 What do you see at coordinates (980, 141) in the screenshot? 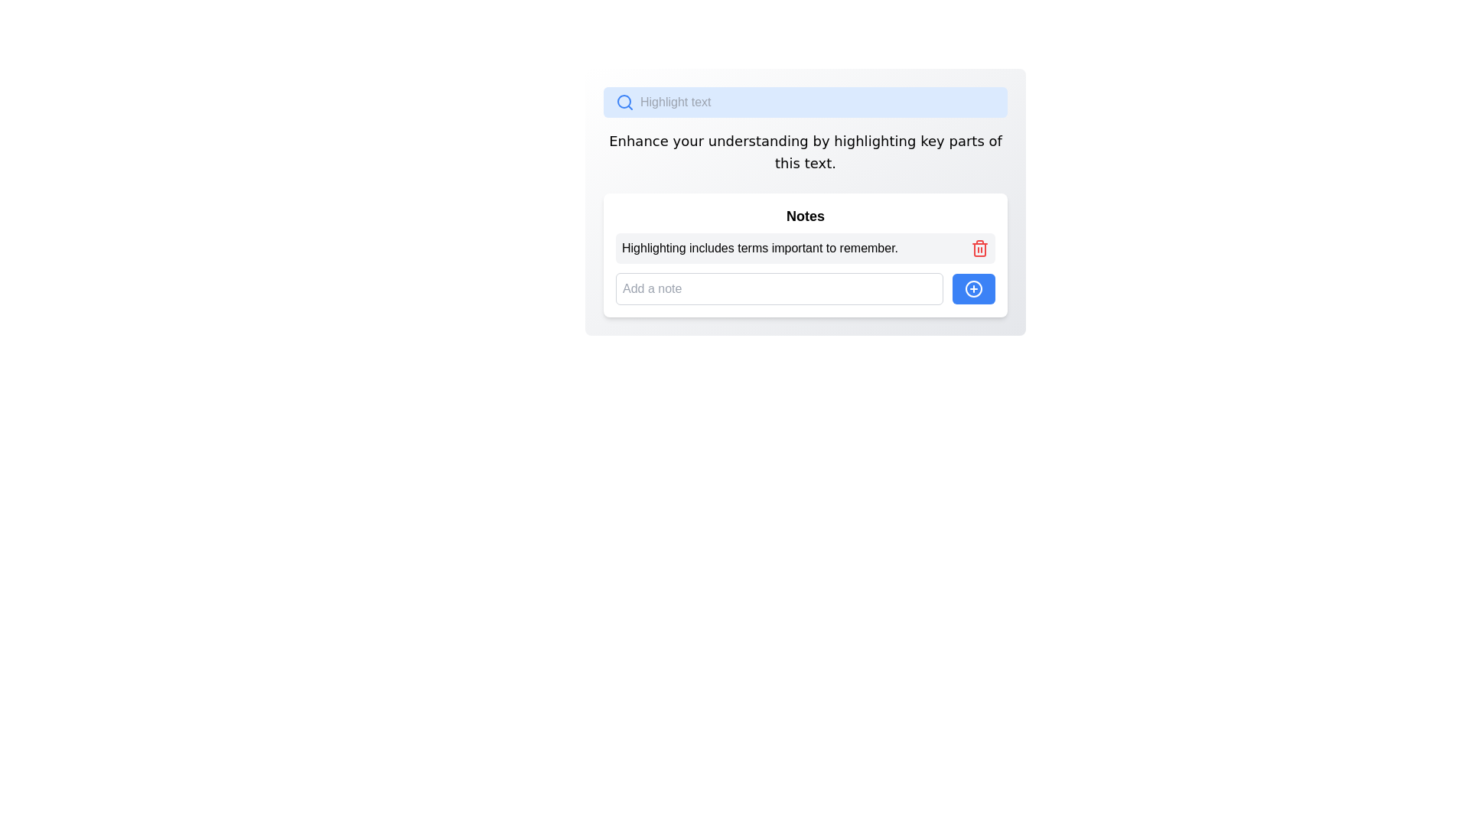
I see `the text character 's' which completes the word 'parts' in the instructional sentence located above the 'Notes' section in the main interface panel` at bounding box center [980, 141].